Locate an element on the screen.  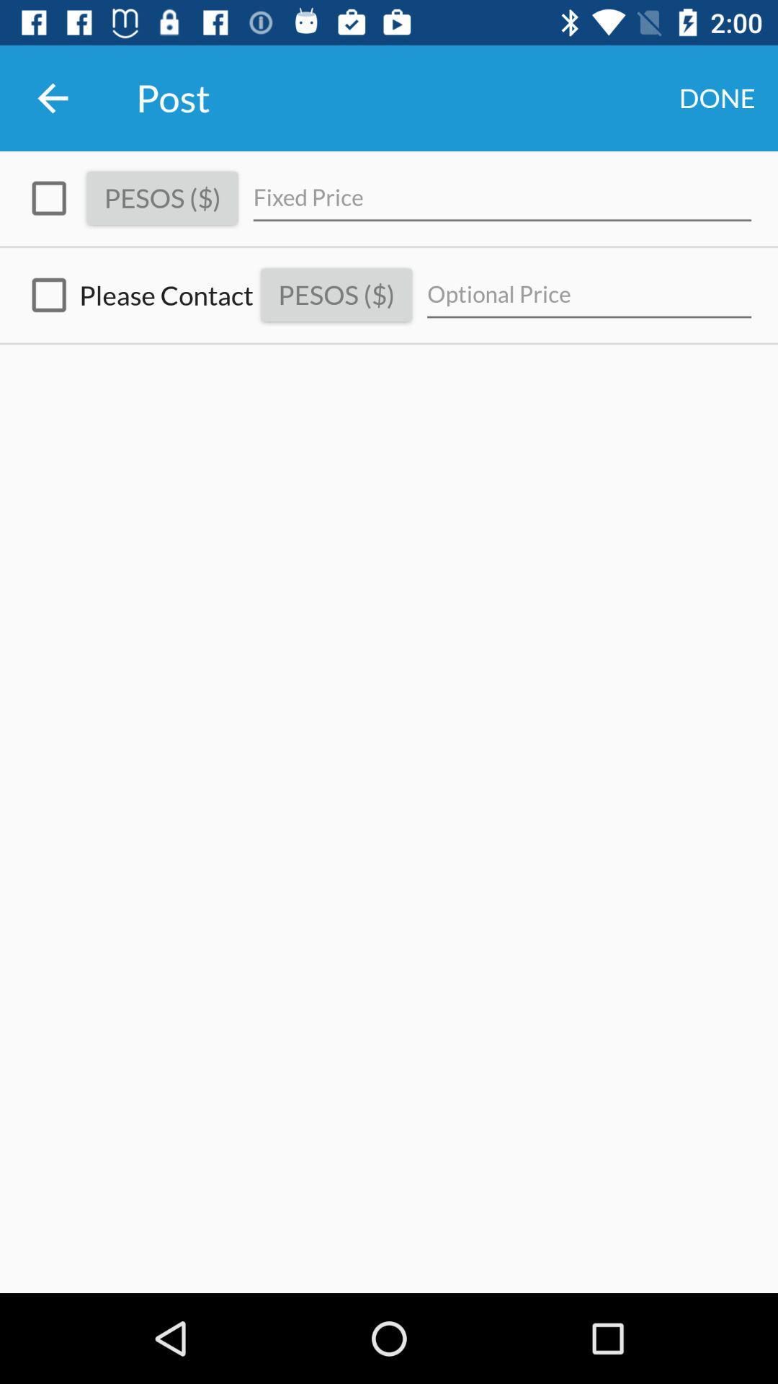
the item next to the pesos ($) icon is located at coordinates (48, 198).